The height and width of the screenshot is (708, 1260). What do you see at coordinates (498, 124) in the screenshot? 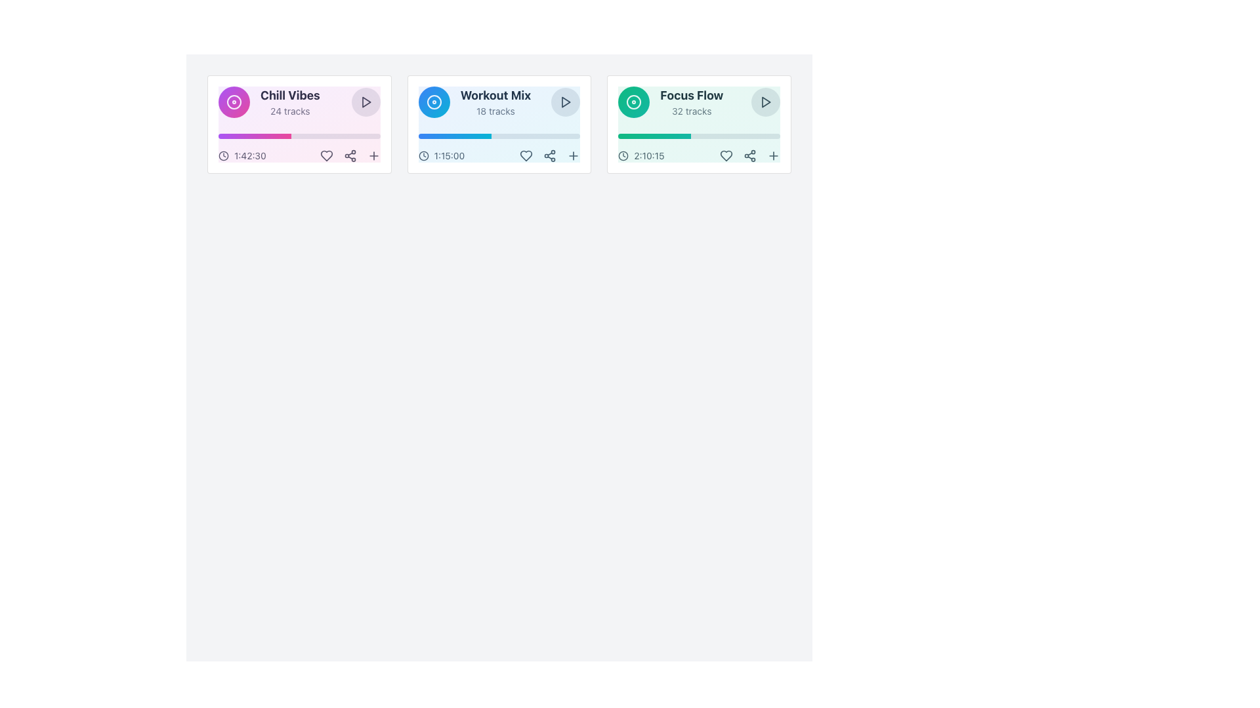
I see `the interactive card component located in the second column of the grid layout` at bounding box center [498, 124].